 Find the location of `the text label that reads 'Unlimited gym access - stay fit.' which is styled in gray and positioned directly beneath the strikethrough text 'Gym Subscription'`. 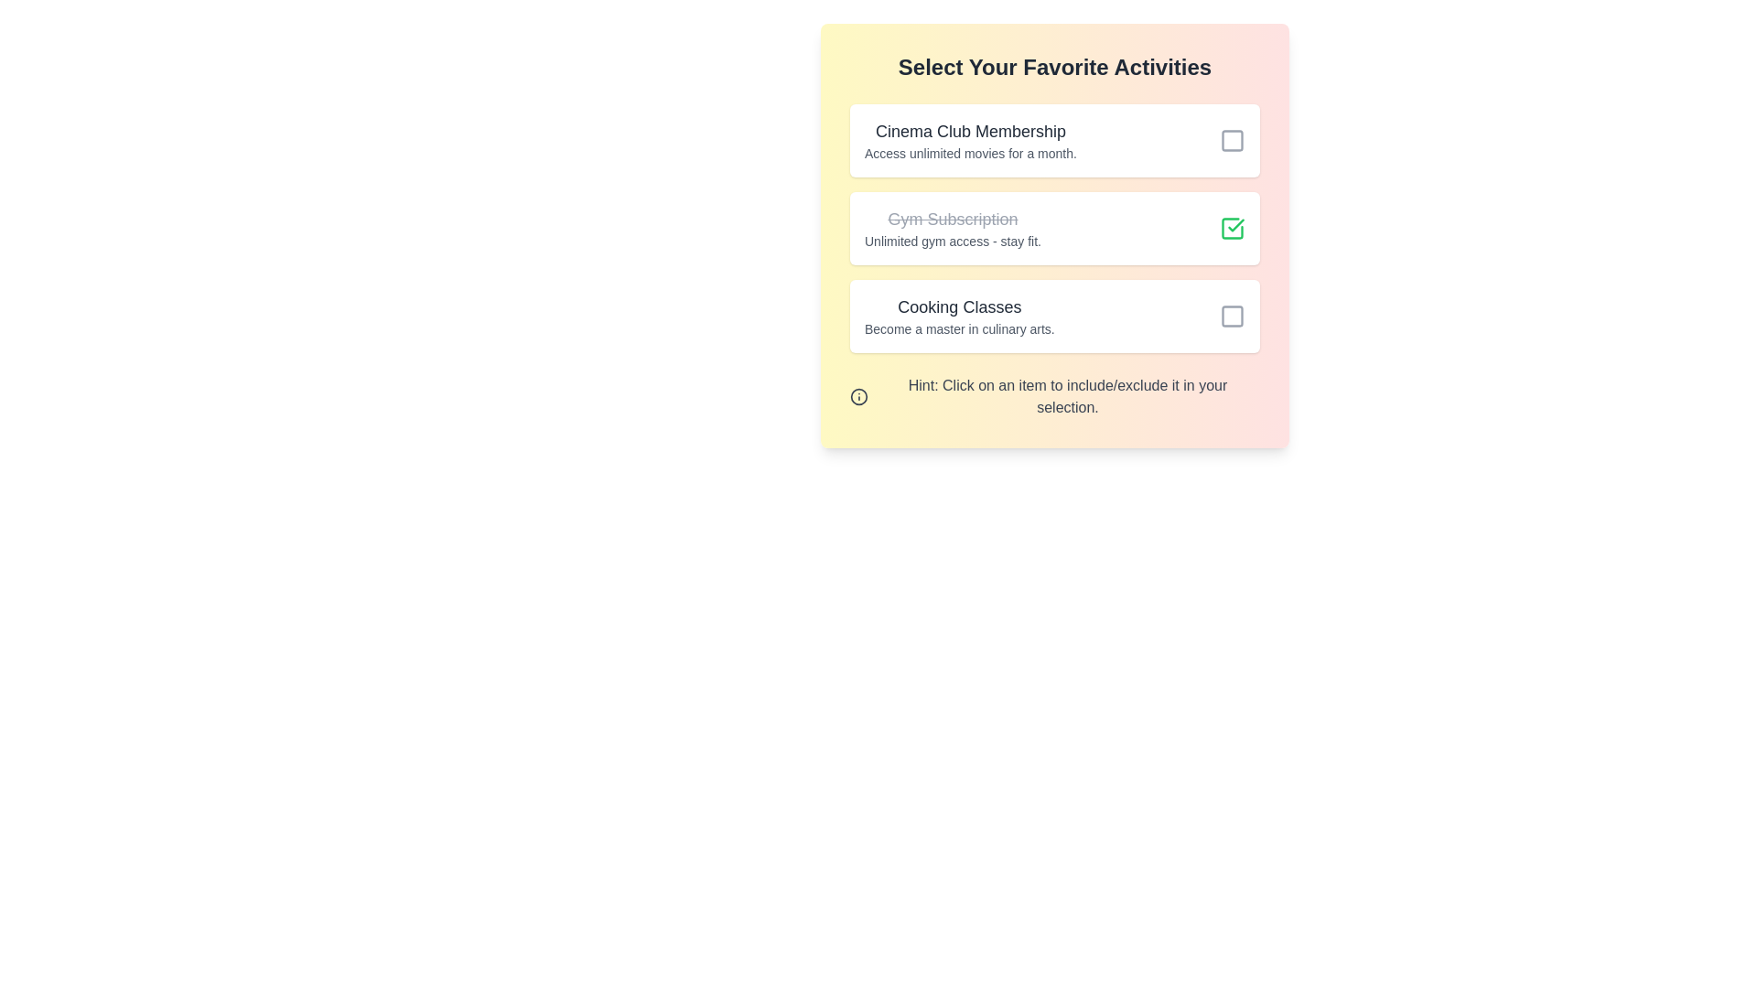

the text label that reads 'Unlimited gym access - stay fit.' which is styled in gray and positioned directly beneath the strikethrough text 'Gym Subscription' is located at coordinates (952, 240).